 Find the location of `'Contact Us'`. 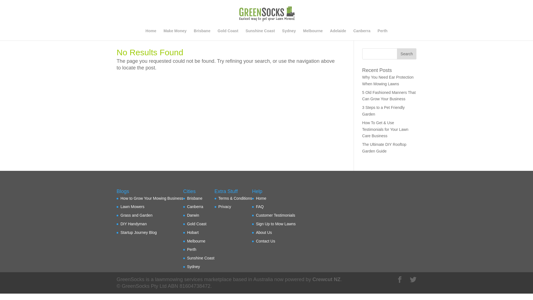

'Contact Us' is located at coordinates (255, 241).